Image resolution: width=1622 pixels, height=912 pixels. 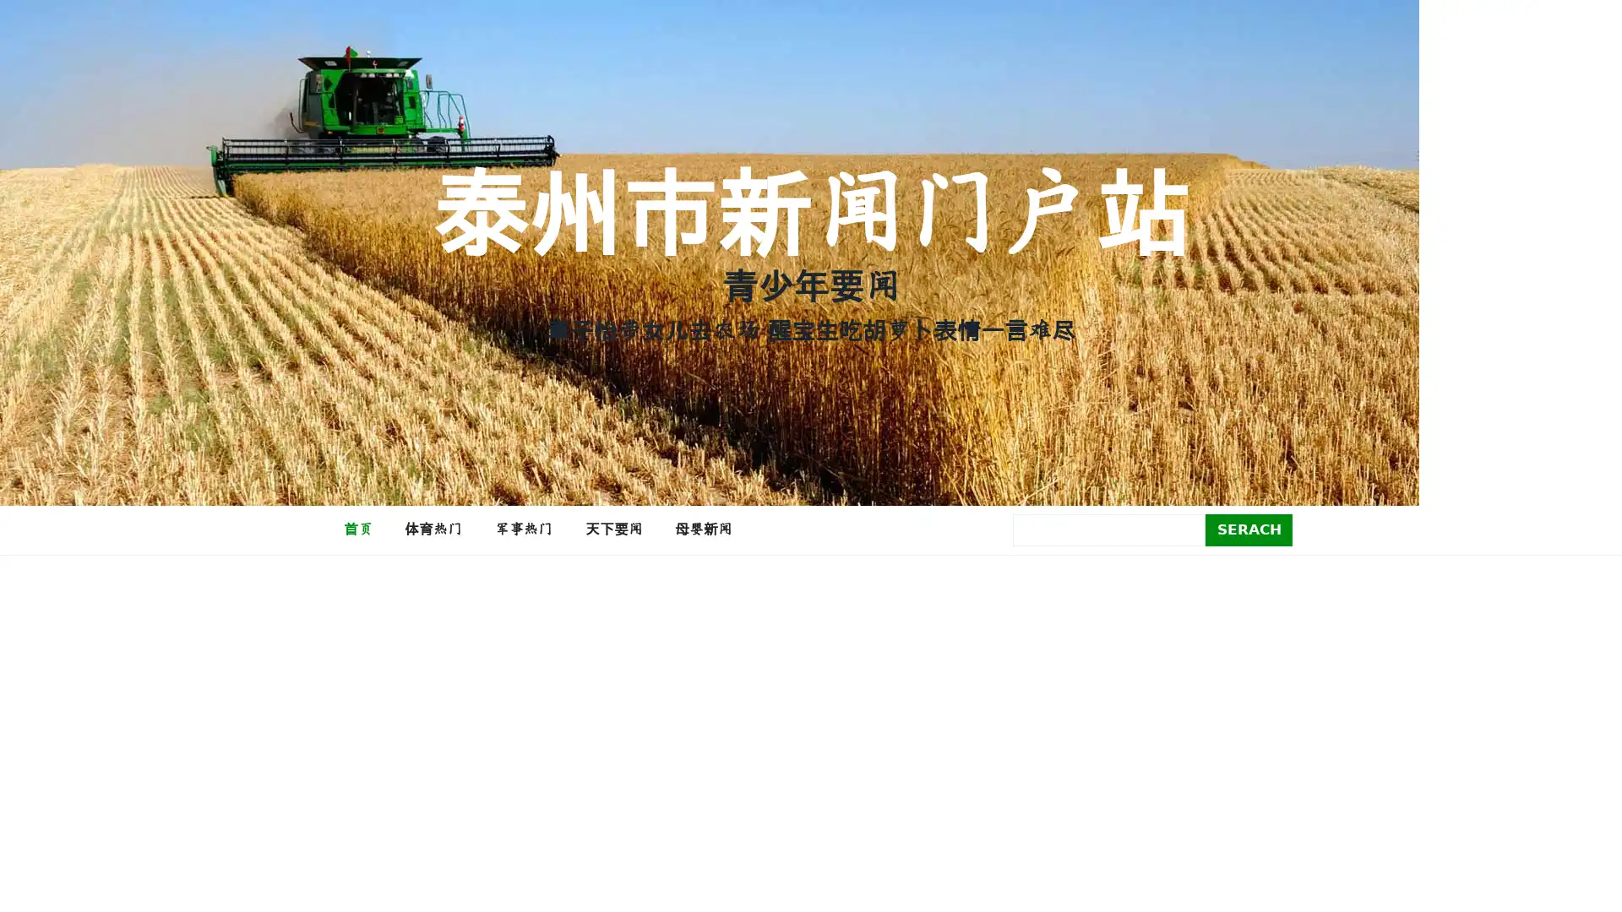 What do you see at coordinates (1249, 529) in the screenshot?
I see `serach` at bounding box center [1249, 529].